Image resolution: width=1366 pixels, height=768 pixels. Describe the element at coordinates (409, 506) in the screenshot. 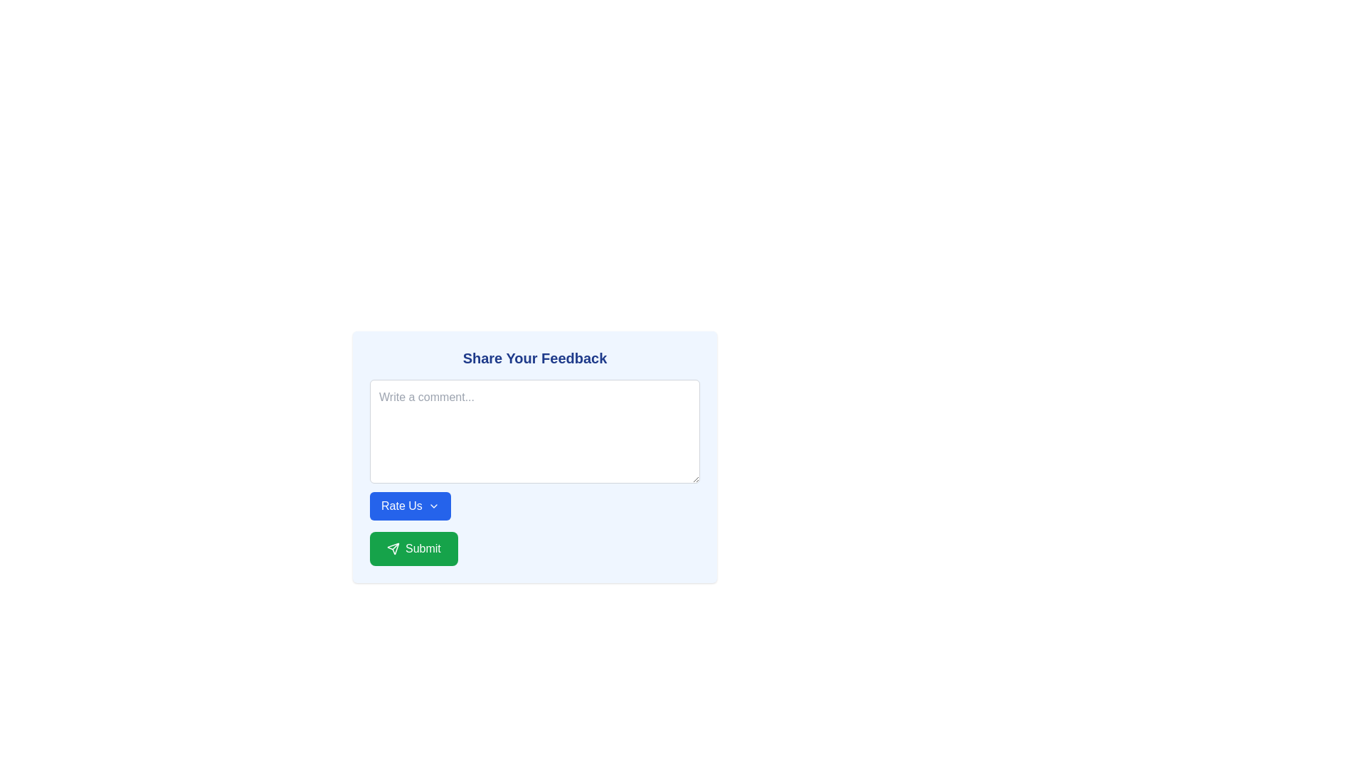

I see `the button that opens a dropdown menu for rating input in the 'Share Your Feedback' section of the feedback form interface` at that location.